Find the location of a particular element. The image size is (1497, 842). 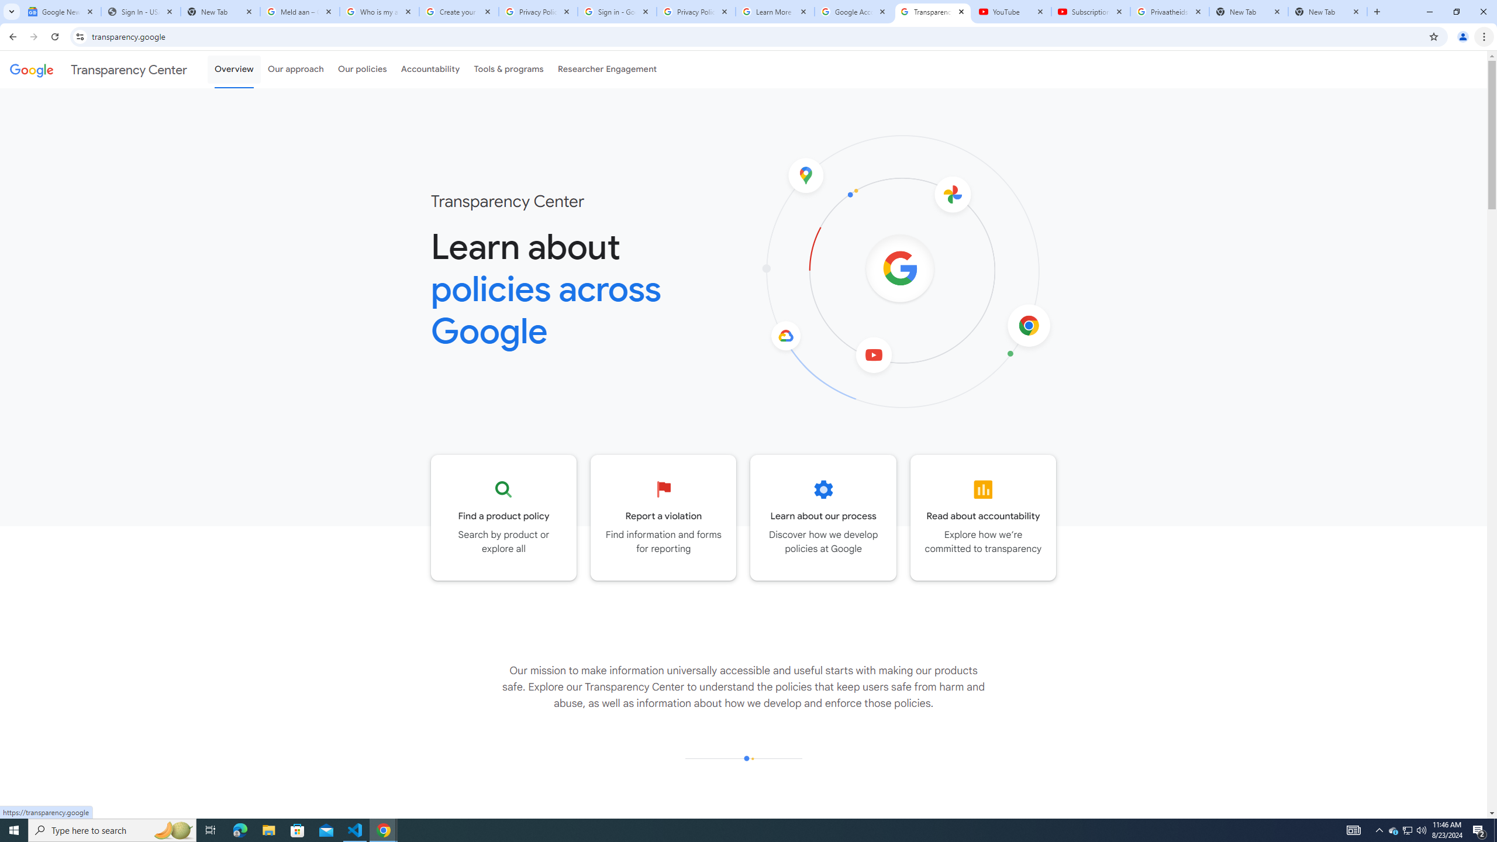

'New Tab' is located at coordinates (1327, 11).